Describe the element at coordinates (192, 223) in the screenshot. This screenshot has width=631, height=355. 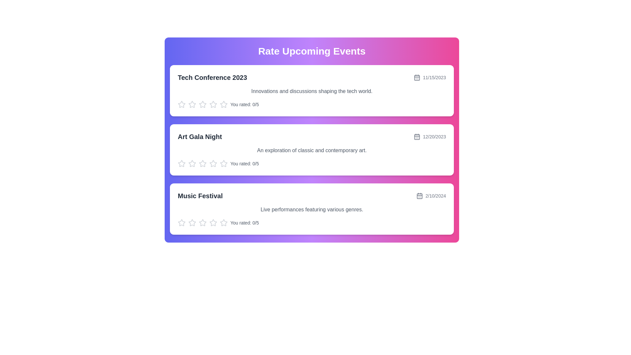
I see `the third star-shaped rating icon under the 'Music Festival' event` at that location.